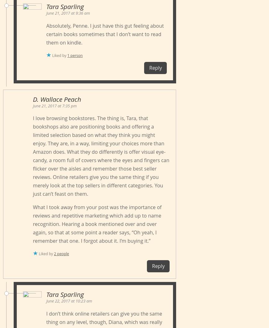  What do you see at coordinates (68, 13) in the screenshot?
I see `'June 21, 2017 at 9:36 am'` at bounding box center [68, 13].